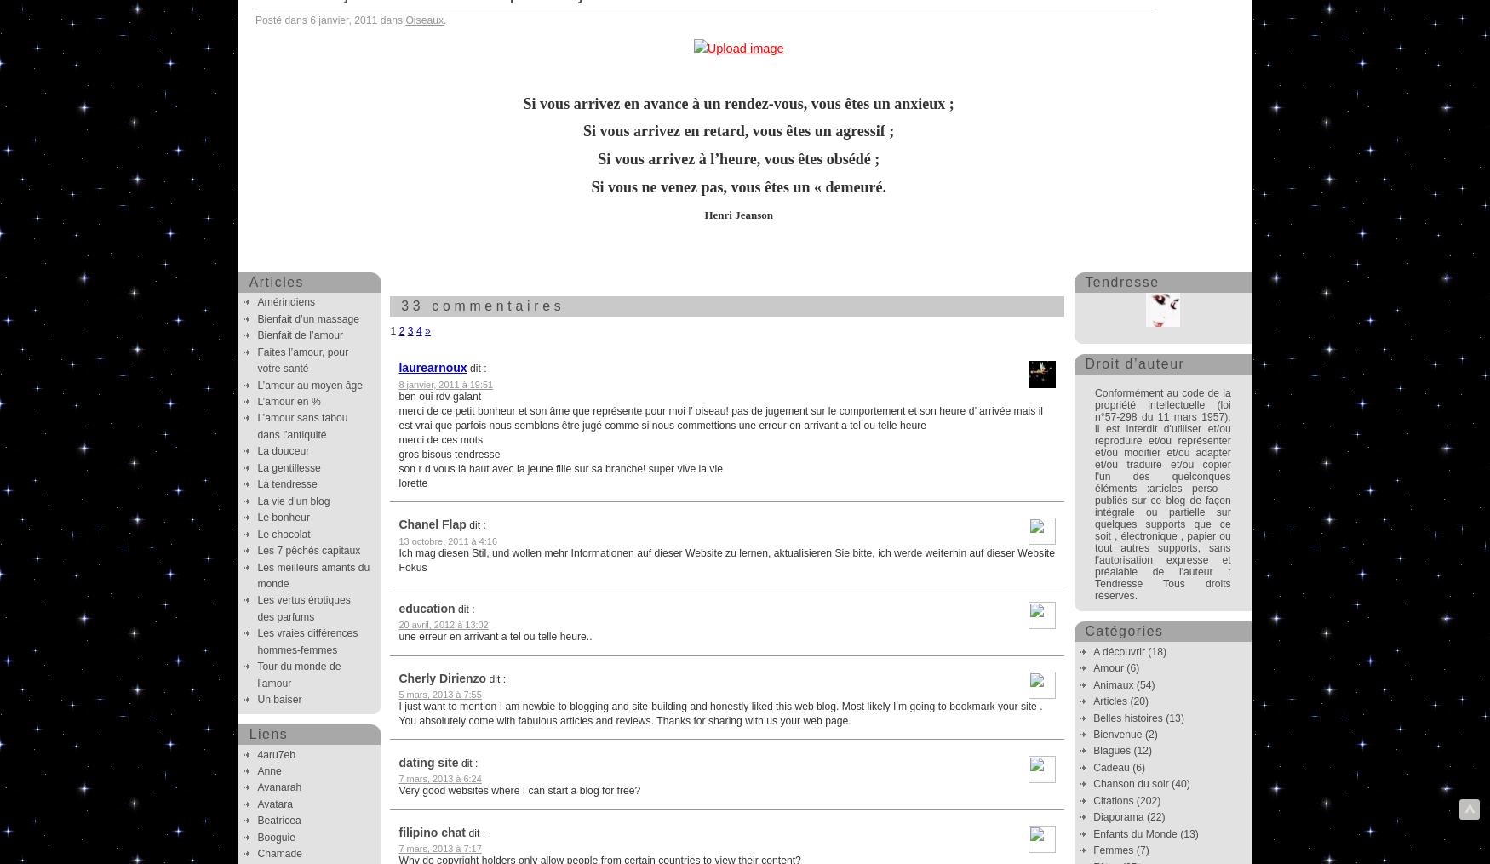  What do you see at coordinates (1117, 816) in the screenshot?
I see `'Diaporama'` at bounding box center [1117, 816].